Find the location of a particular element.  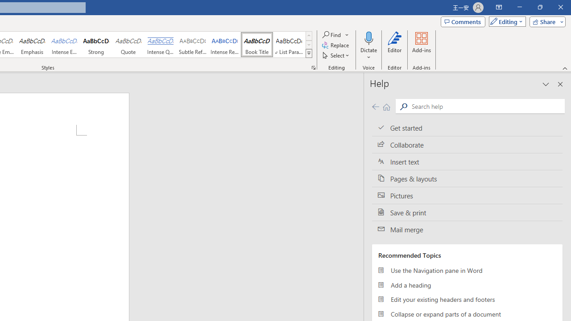

'Replace...' is located at coordinates (335, 45).